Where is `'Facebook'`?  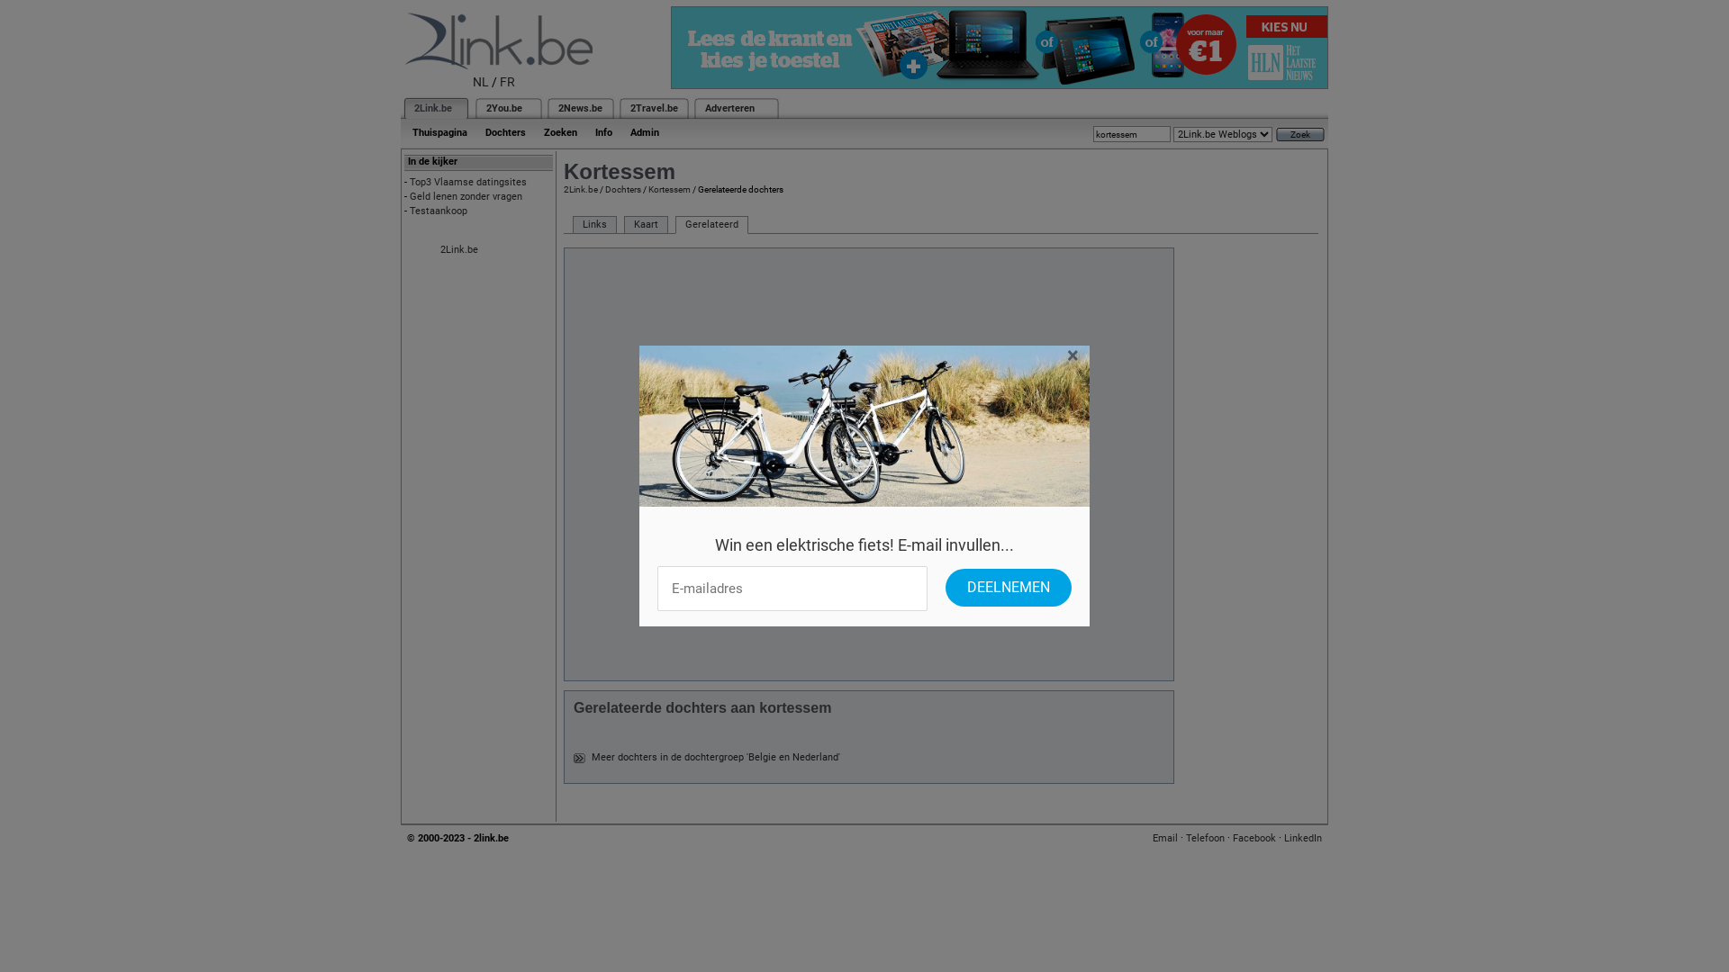
'Facebook' is located at coordinates (1231, 838).